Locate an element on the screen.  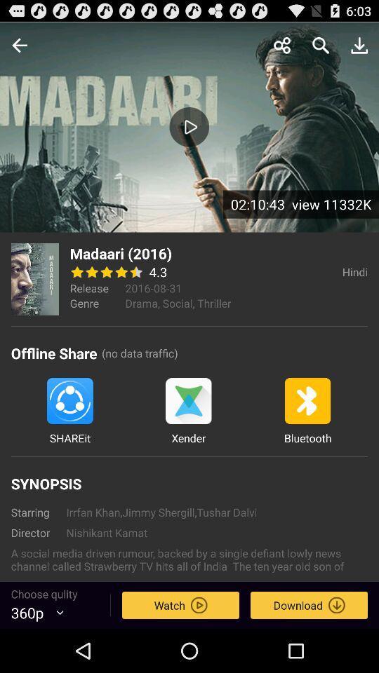
the arrow_backward icon is located at coordinates (18, 48).